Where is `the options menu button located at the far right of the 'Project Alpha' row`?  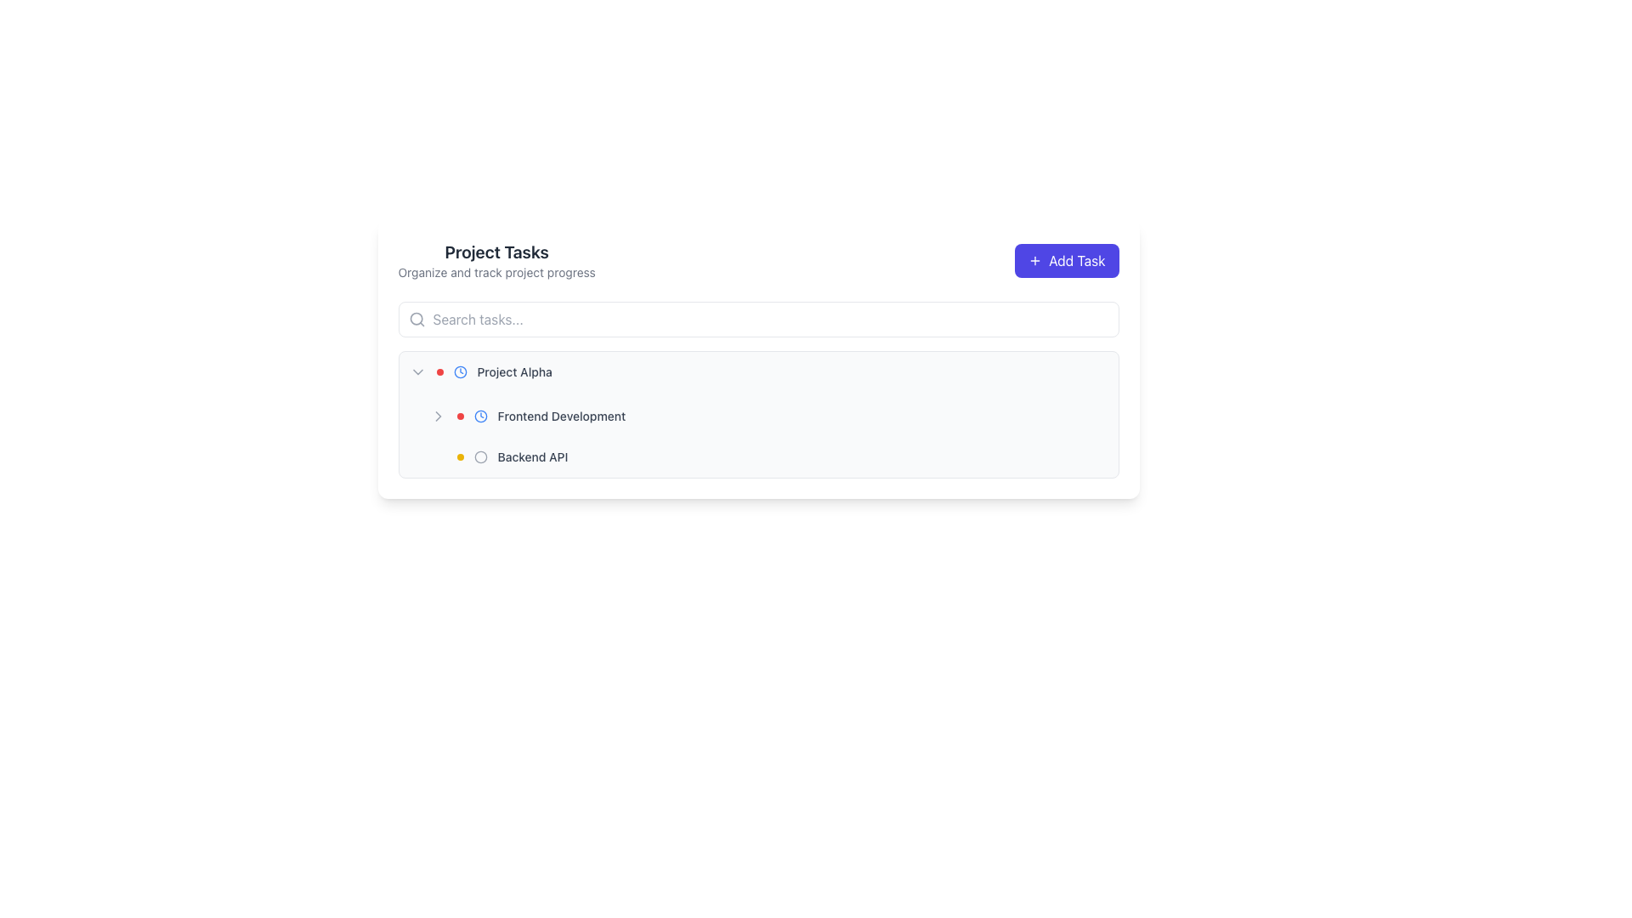
the options menu button located at the far right of the 'Project Alpha' row is located at coordinates (1097, 371).